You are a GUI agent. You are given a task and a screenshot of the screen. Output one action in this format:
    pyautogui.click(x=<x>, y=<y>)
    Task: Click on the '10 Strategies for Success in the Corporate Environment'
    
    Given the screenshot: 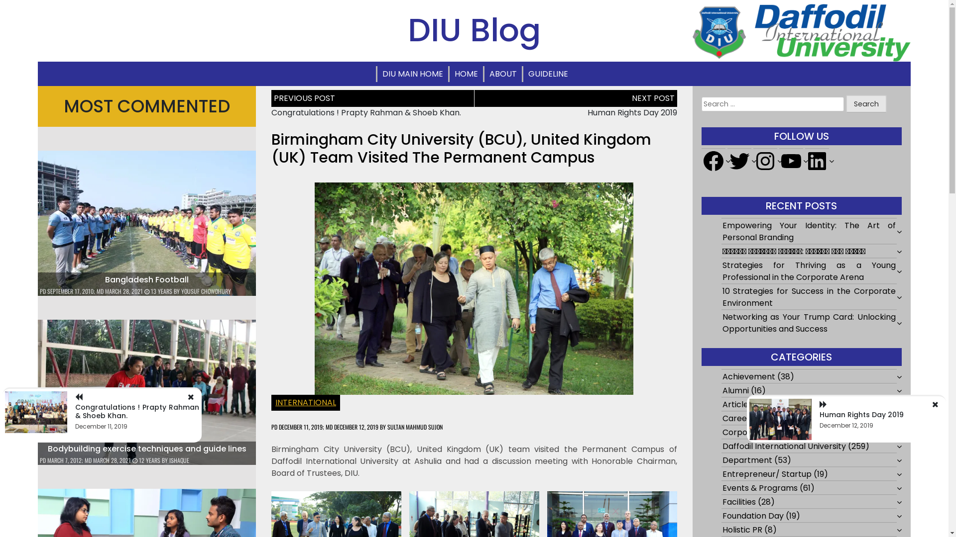 What is the action you would take?
    pyautogui.click(x=809, y=296)
    